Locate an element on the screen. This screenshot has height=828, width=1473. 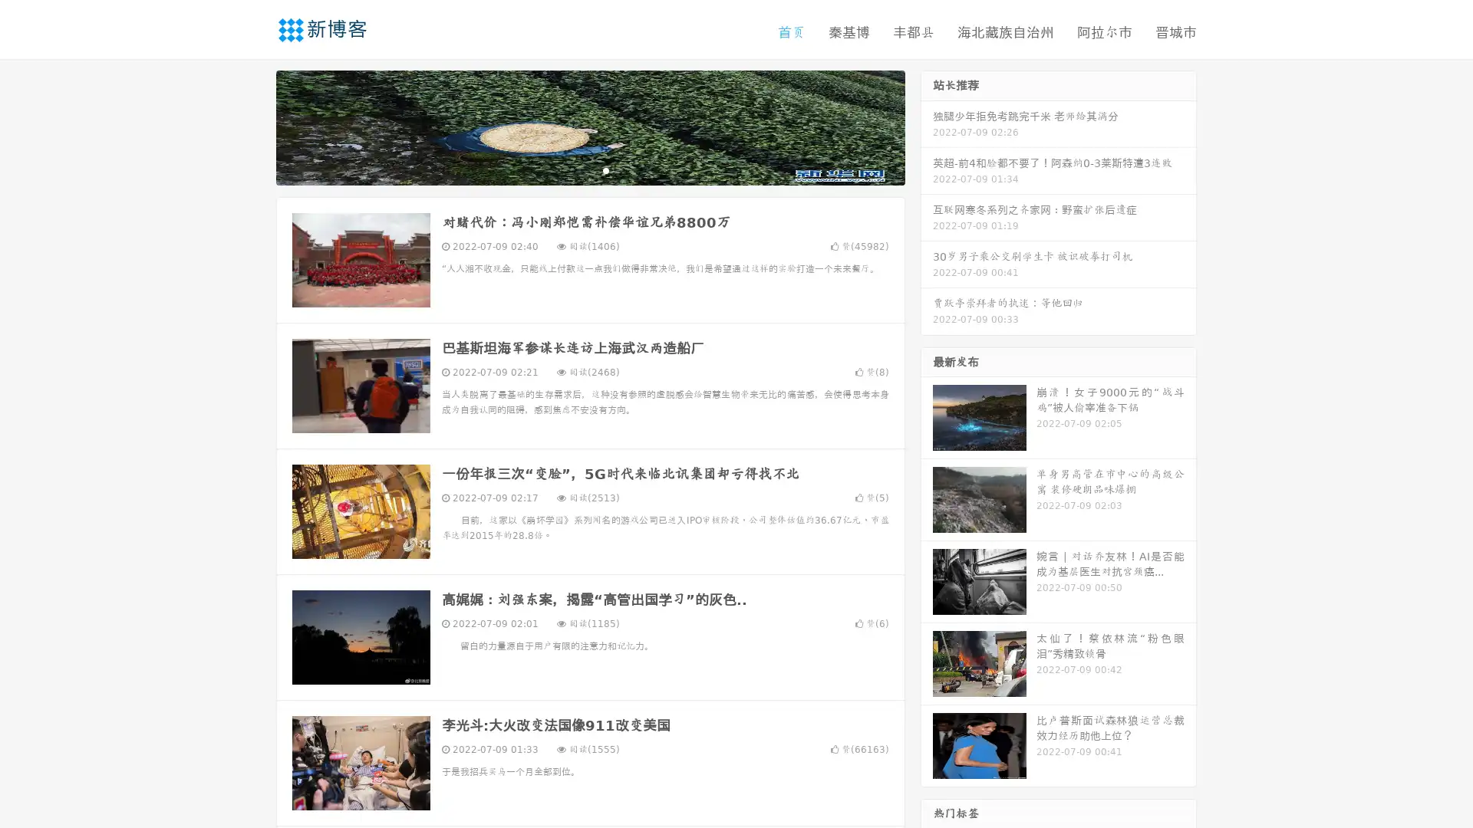
Previous slide is located at coordinates (253, 129).